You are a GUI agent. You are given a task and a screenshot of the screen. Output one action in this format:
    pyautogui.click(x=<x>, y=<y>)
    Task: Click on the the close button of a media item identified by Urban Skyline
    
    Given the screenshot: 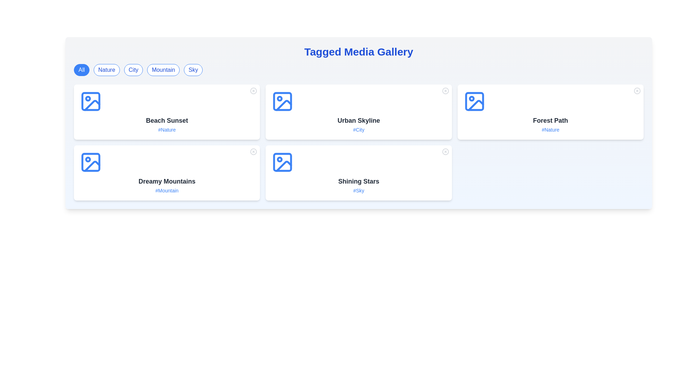 What is the action you would take?
    pyautogui.click(x=445, y=91)
    